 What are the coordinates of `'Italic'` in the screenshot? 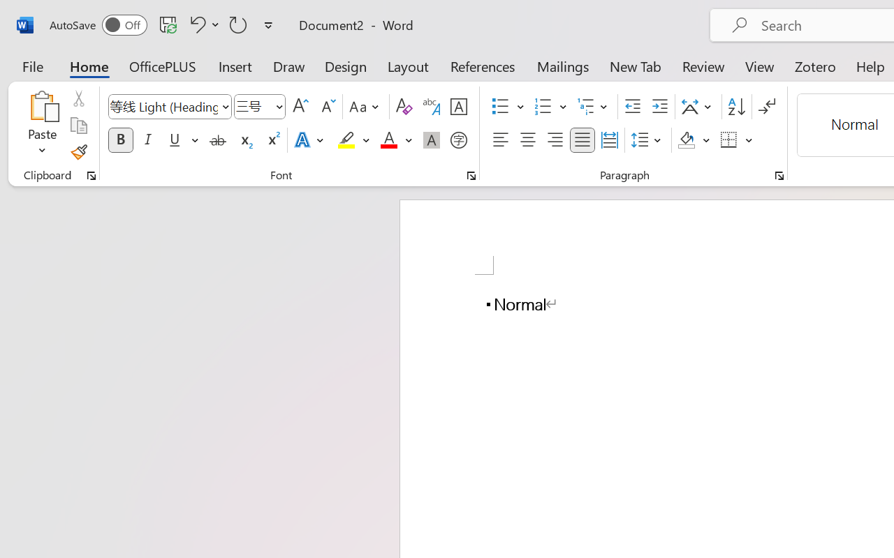 It's located at (148, 140).